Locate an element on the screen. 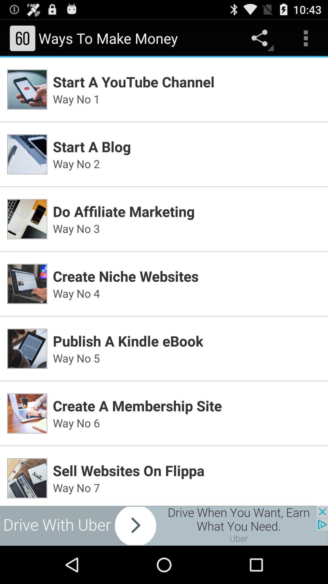 The width and height of the screenshot is (328, 584). open advertisement is located at coordinates (164, 525).